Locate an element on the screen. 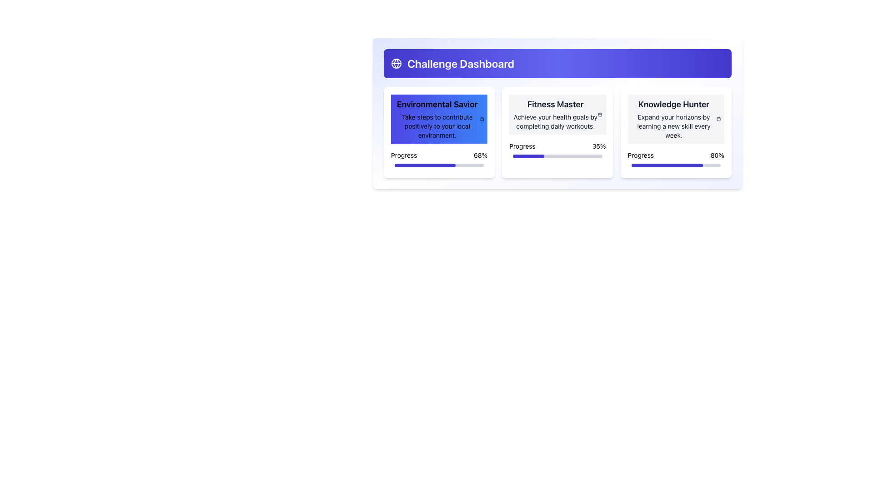  text element that contains the sentence 'Achieve your health goals by completing daily workouts.' which is styled with a smaller font size and located centrally in the second column of a three-column layout is located at coordinates (555, 121).